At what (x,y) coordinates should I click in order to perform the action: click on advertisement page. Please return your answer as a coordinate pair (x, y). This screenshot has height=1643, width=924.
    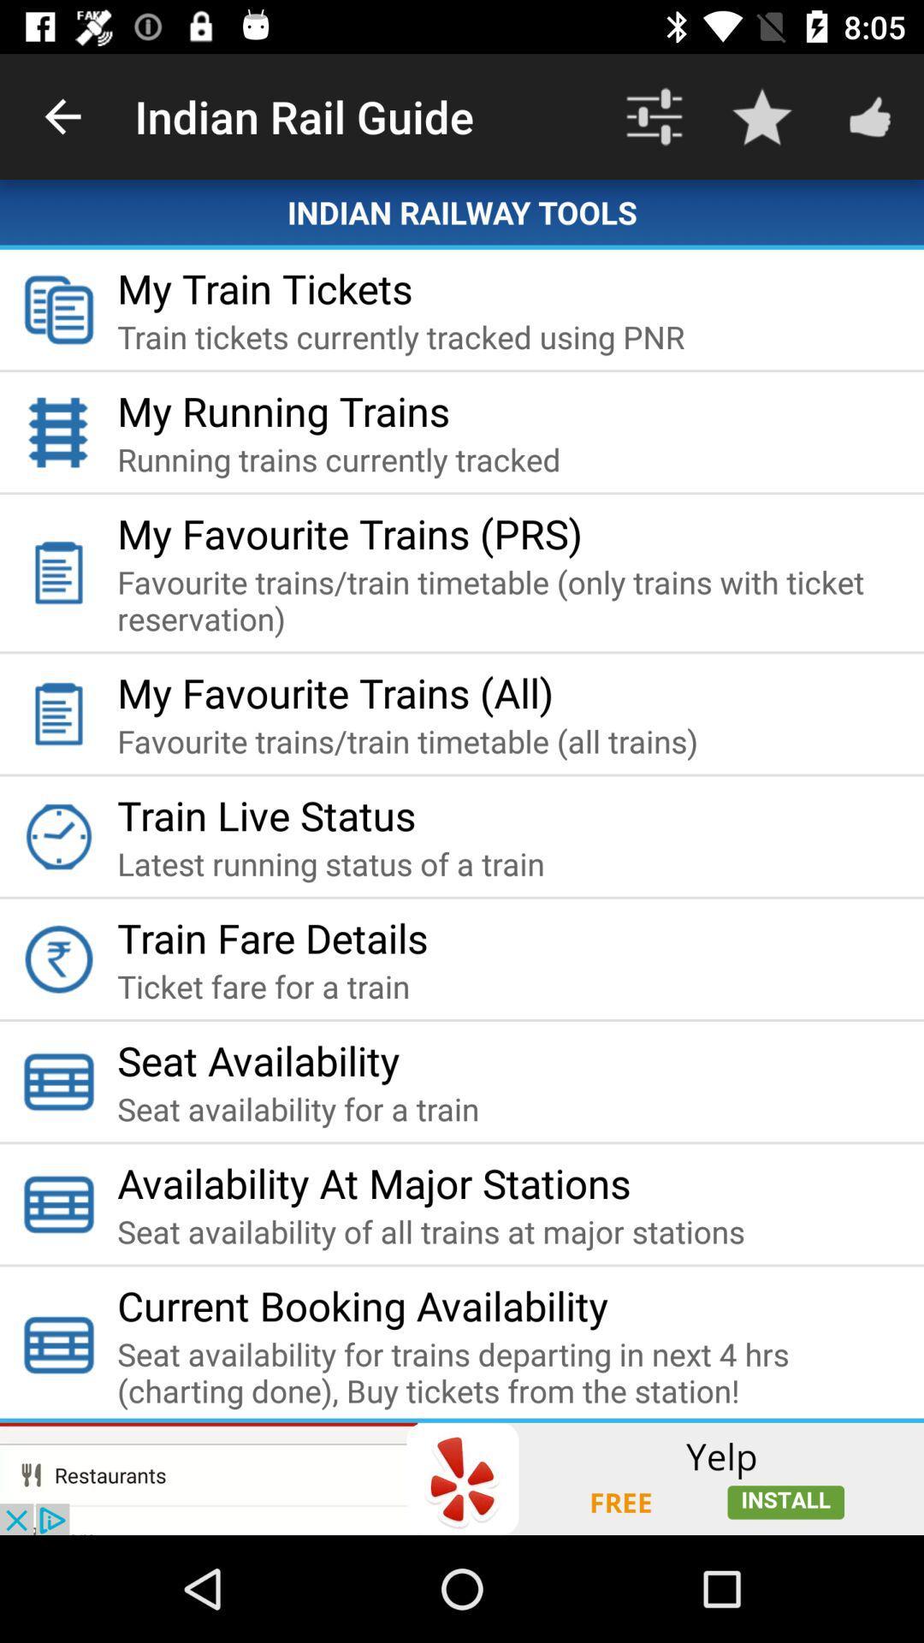
    Looking at the image, I should click on (462, 1478).